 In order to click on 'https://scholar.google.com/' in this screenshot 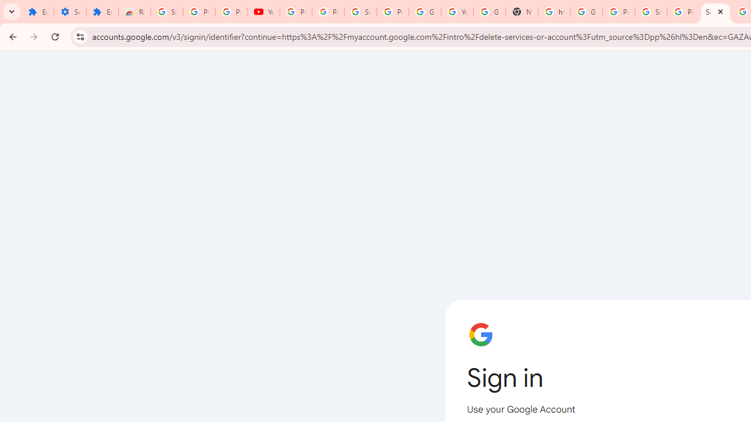, I will do `click(553, 12)`.